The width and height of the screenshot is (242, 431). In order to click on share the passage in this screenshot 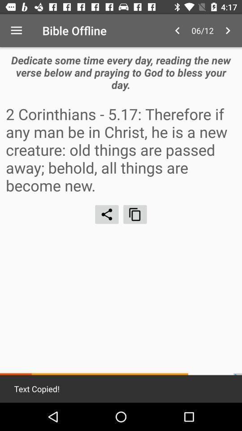, I will do `click(107, 214)`.